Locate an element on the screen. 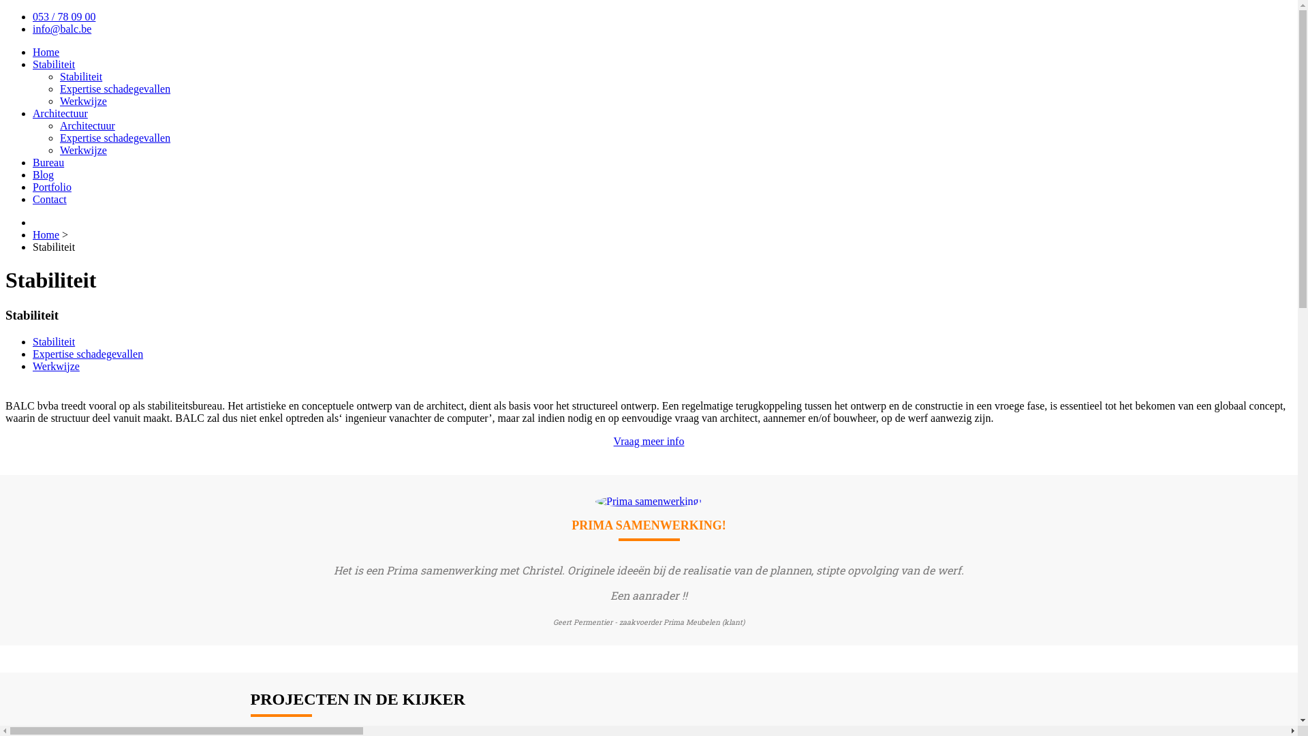  'Werkwijze' is located at coordinates (82, 100).